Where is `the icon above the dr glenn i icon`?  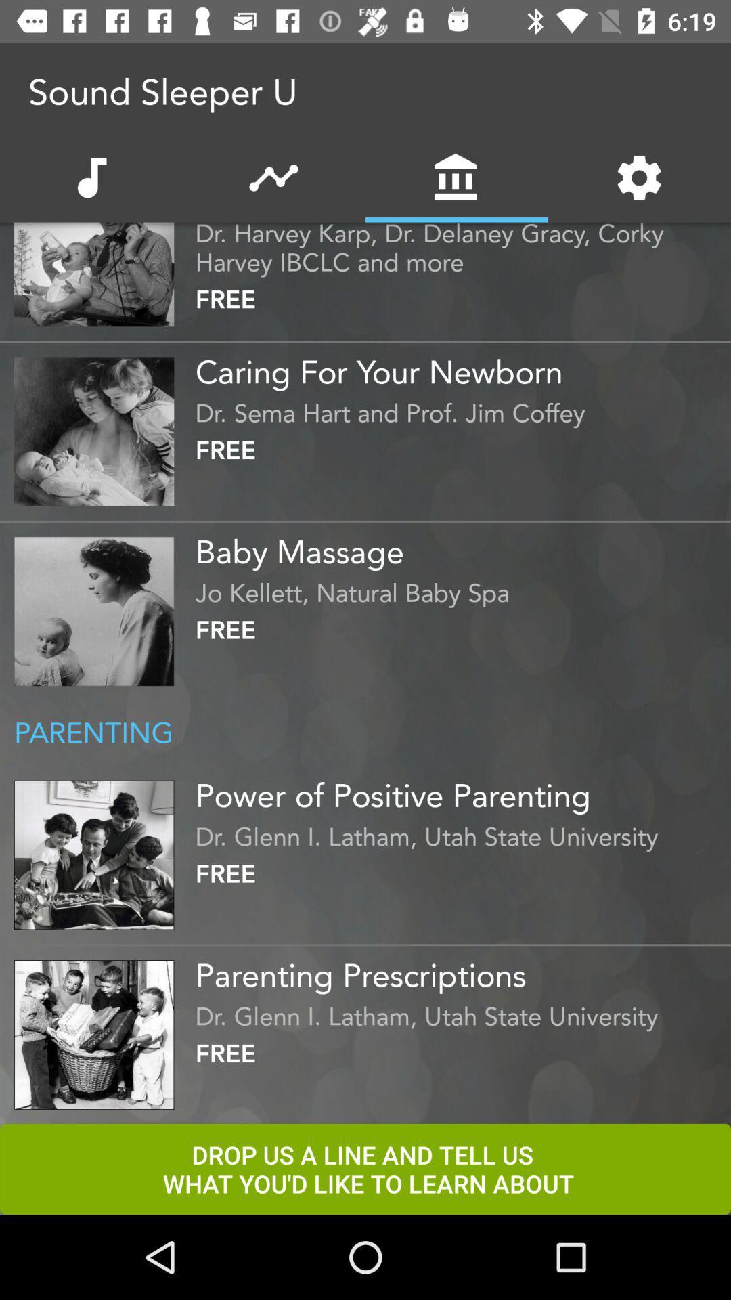 the icon above the dr glenn i icon is located at coordinates (459, 790).